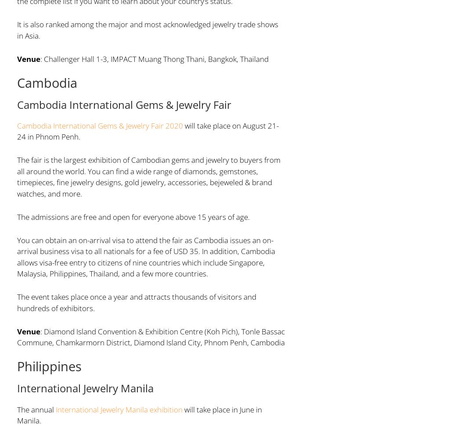  What do you see at coordinates (36, 409) in the screenshot?
I see `'The annual'` at bounding box center [36, 409].